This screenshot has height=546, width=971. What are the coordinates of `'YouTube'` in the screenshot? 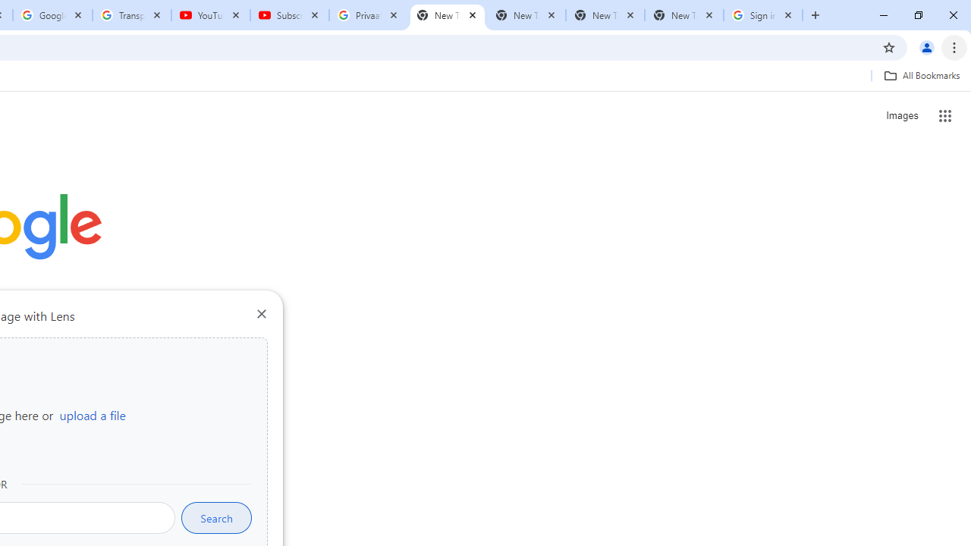 It's located at (210, 15).